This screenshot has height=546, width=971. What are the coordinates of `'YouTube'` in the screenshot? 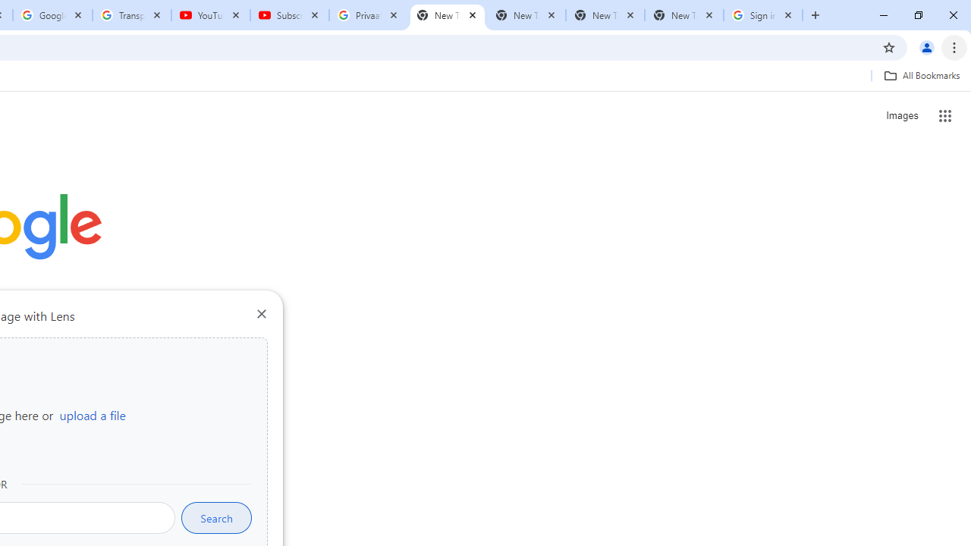 It's located at (210, 15).